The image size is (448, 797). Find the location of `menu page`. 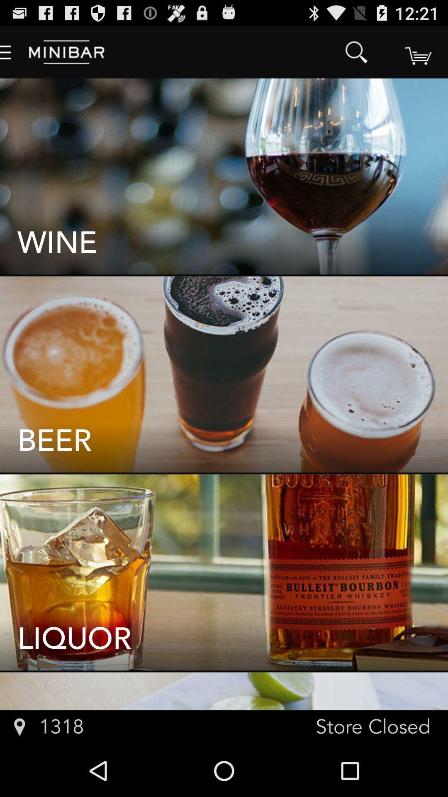

menu page is located at coordinates (417, 51).